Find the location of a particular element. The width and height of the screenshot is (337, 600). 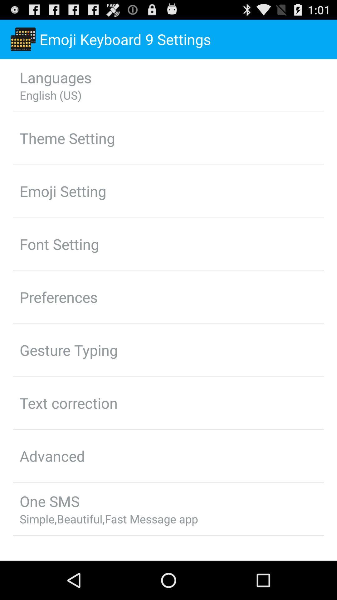

the text correction app is located at coordinates (69, 403).